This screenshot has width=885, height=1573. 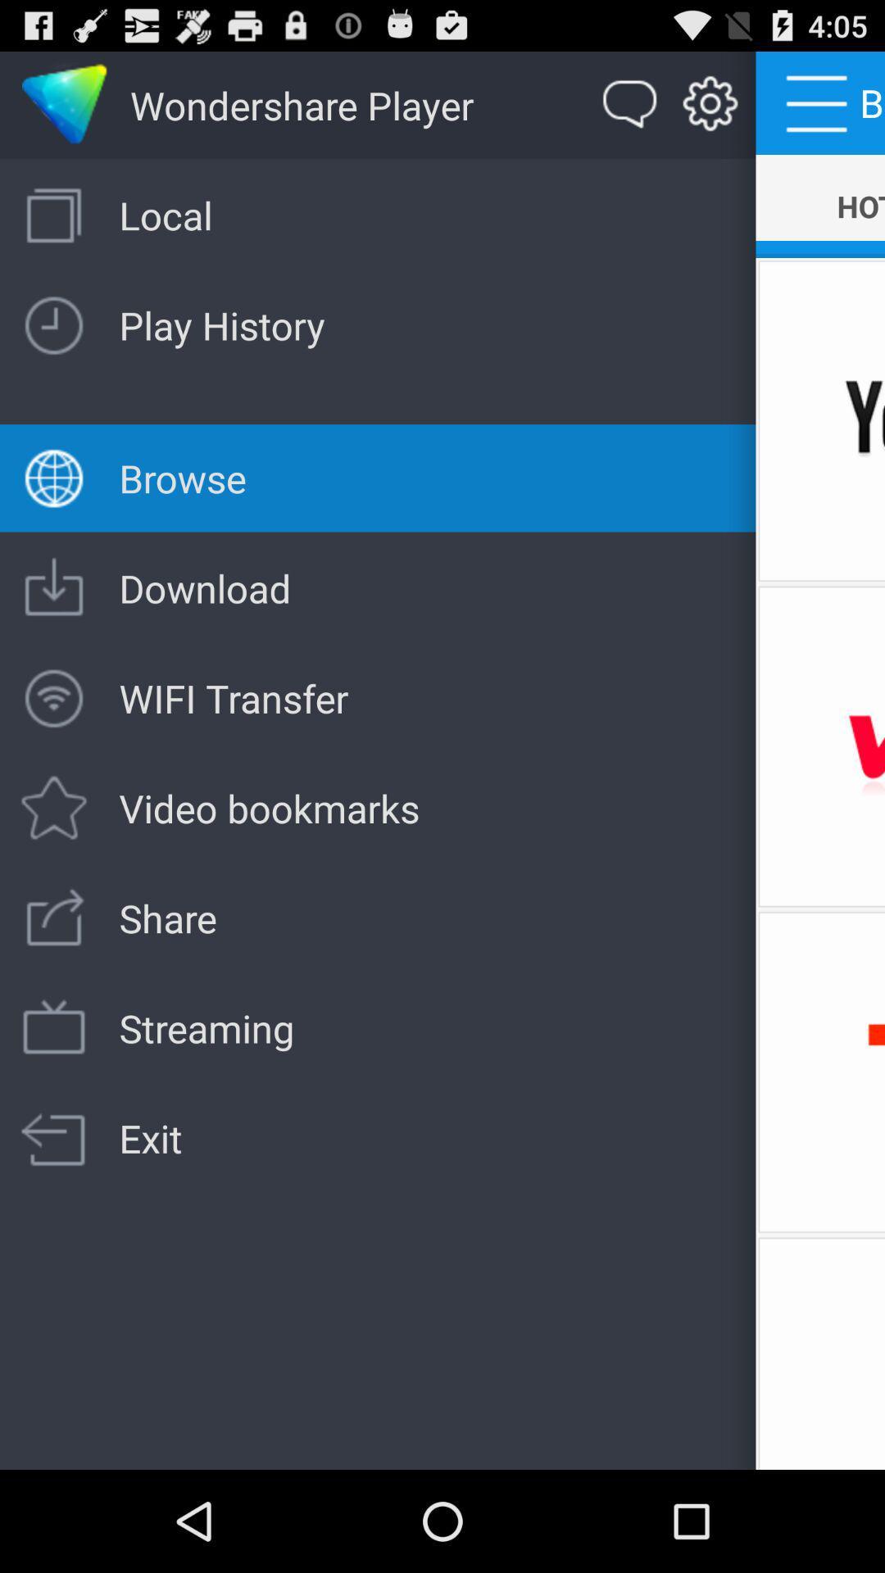 What do you see at coordinates (629, 104) in the screenshot?
I see `the item above the local icon` at bounding box center [629, 104].